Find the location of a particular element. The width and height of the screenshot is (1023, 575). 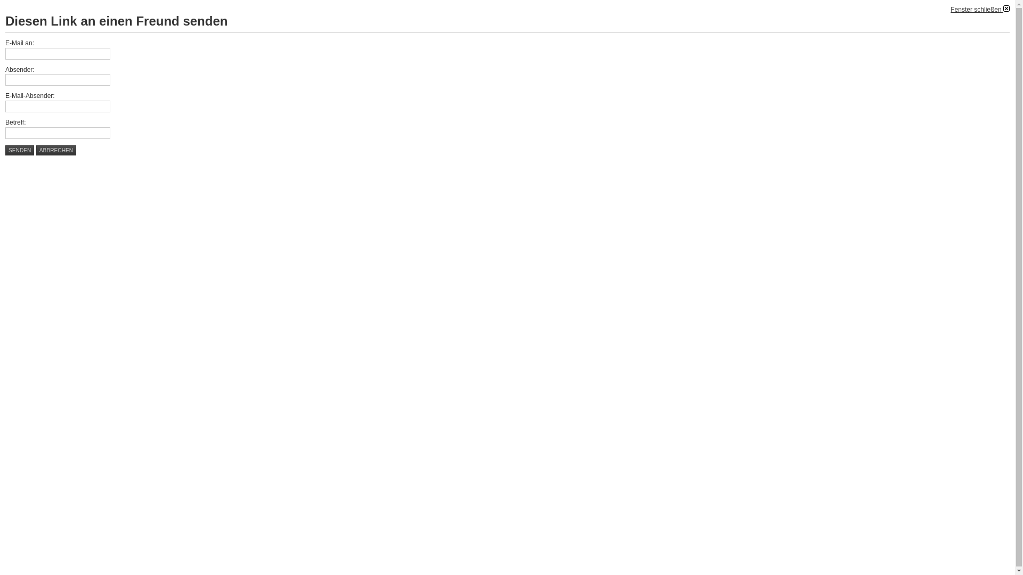

'ABBRECHEN' is located at coordinates (55, 150).